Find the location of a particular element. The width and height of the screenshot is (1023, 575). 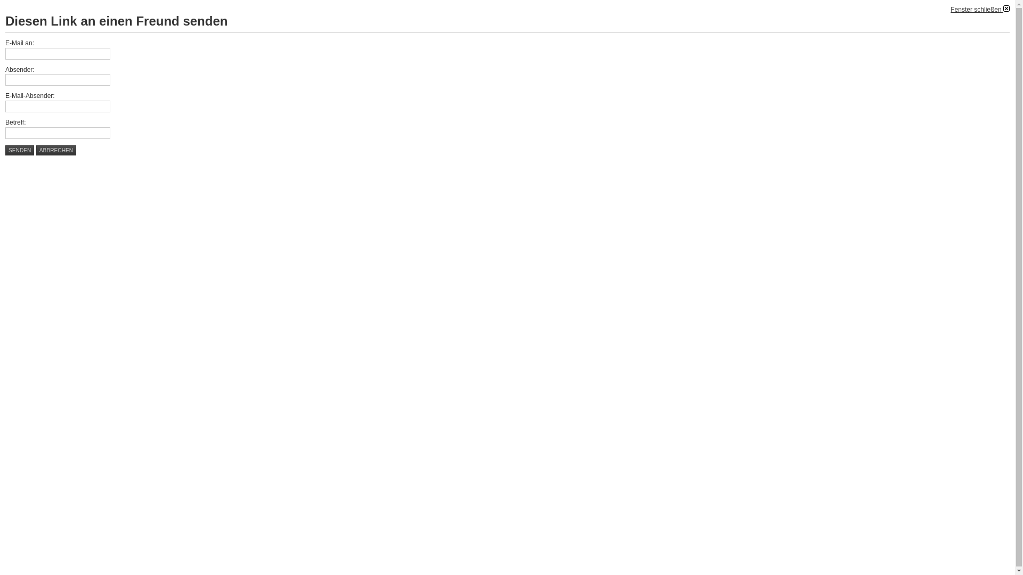

'ABBRECHEN' is located at coordinates (55, 150).